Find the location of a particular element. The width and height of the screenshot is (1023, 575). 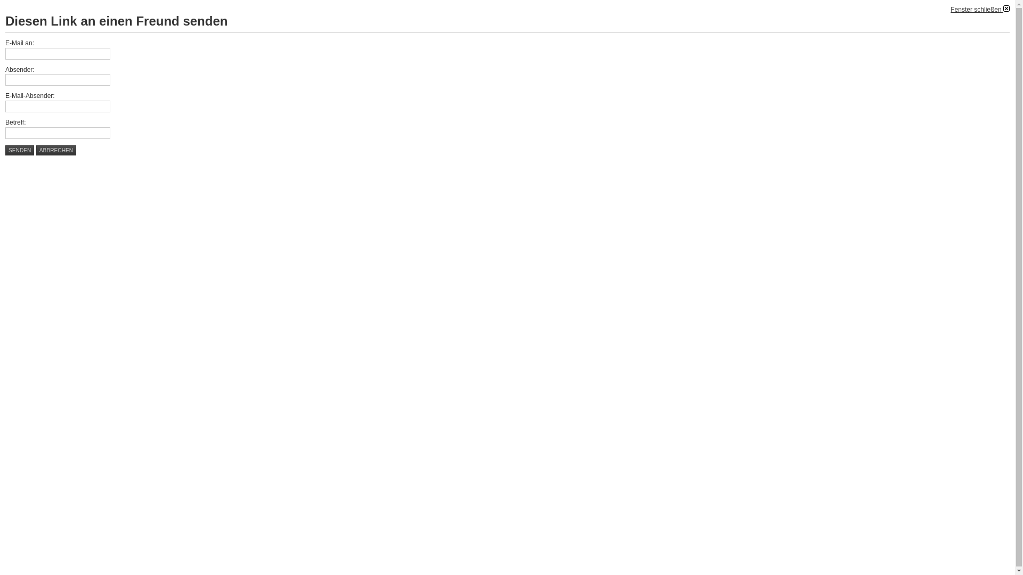

'ABBRECHEN' is located at coordinates (55, 150).